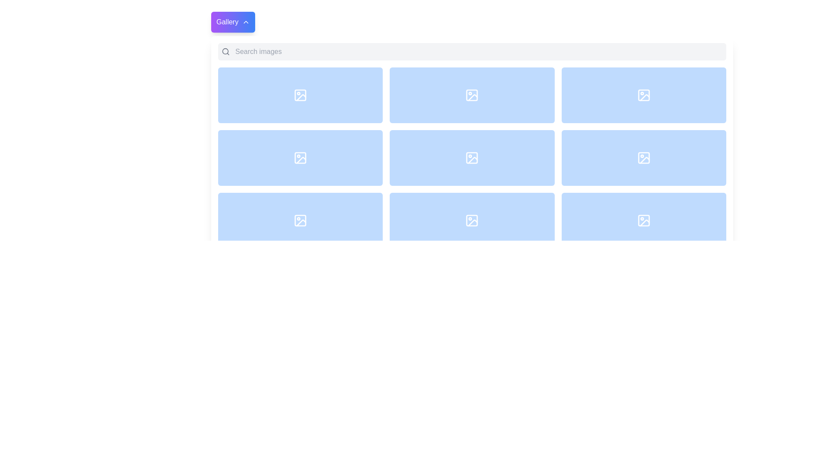 The width and height of the screenshot is (836, 470). I want to click on the rectangular button with a light blue background and a picture frame icon, which is the fourth button in the middle row of a three-column grid, so click(472, 158).